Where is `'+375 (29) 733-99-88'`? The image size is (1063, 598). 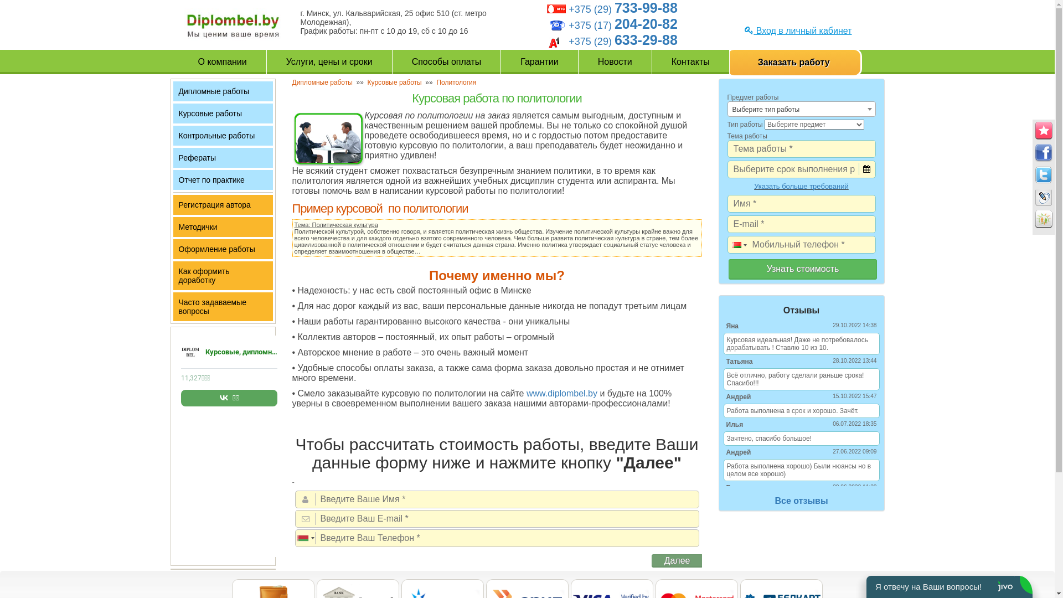
'+375 (29) 733-99-88' is located at coordinates (623, 9).